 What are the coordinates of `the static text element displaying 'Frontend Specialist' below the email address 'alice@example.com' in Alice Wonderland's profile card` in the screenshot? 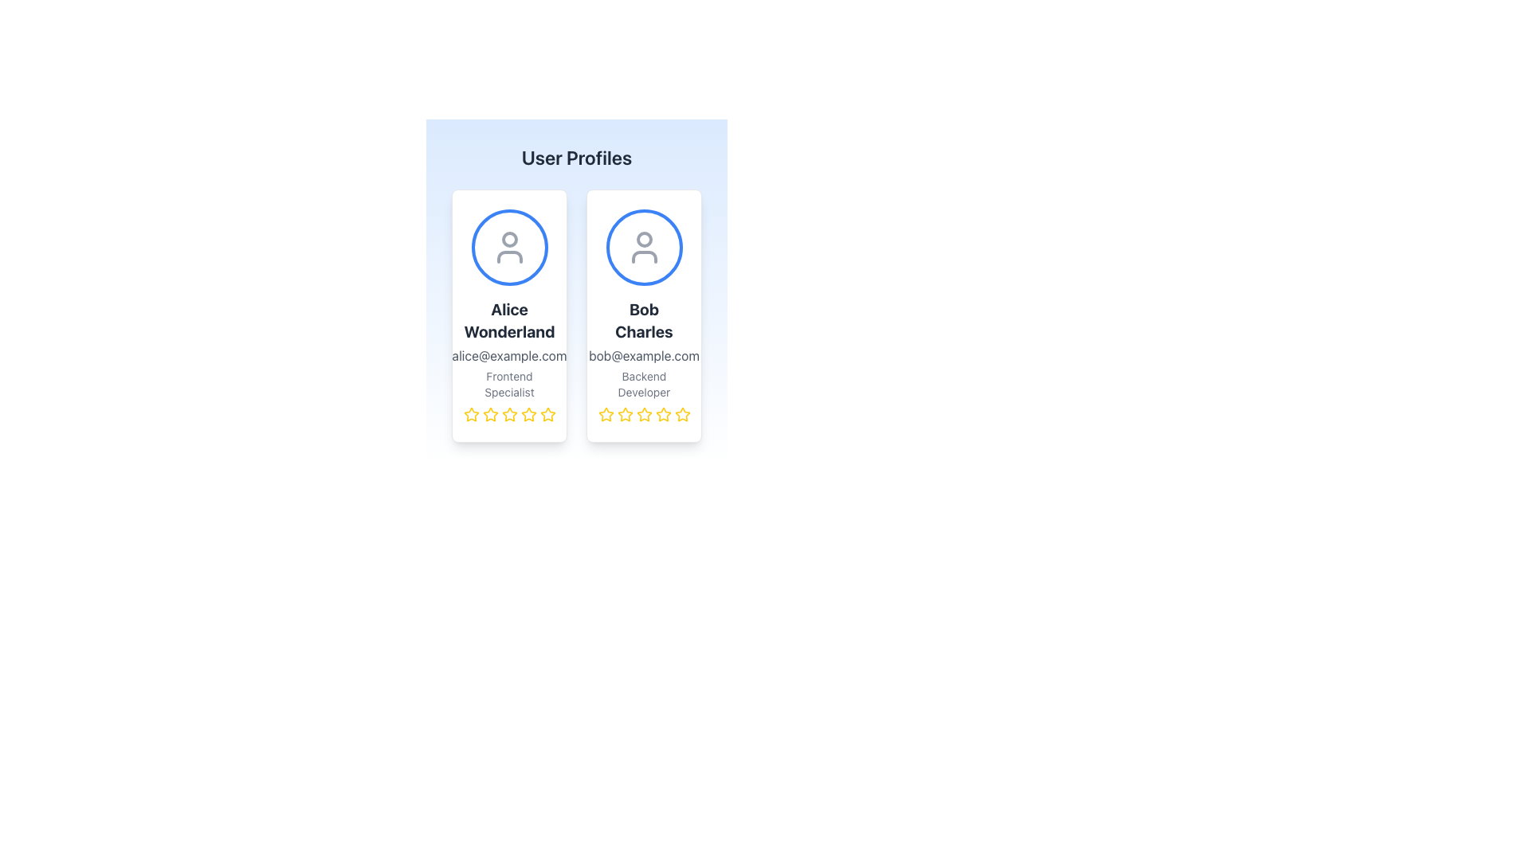 It's located at (508, 384).